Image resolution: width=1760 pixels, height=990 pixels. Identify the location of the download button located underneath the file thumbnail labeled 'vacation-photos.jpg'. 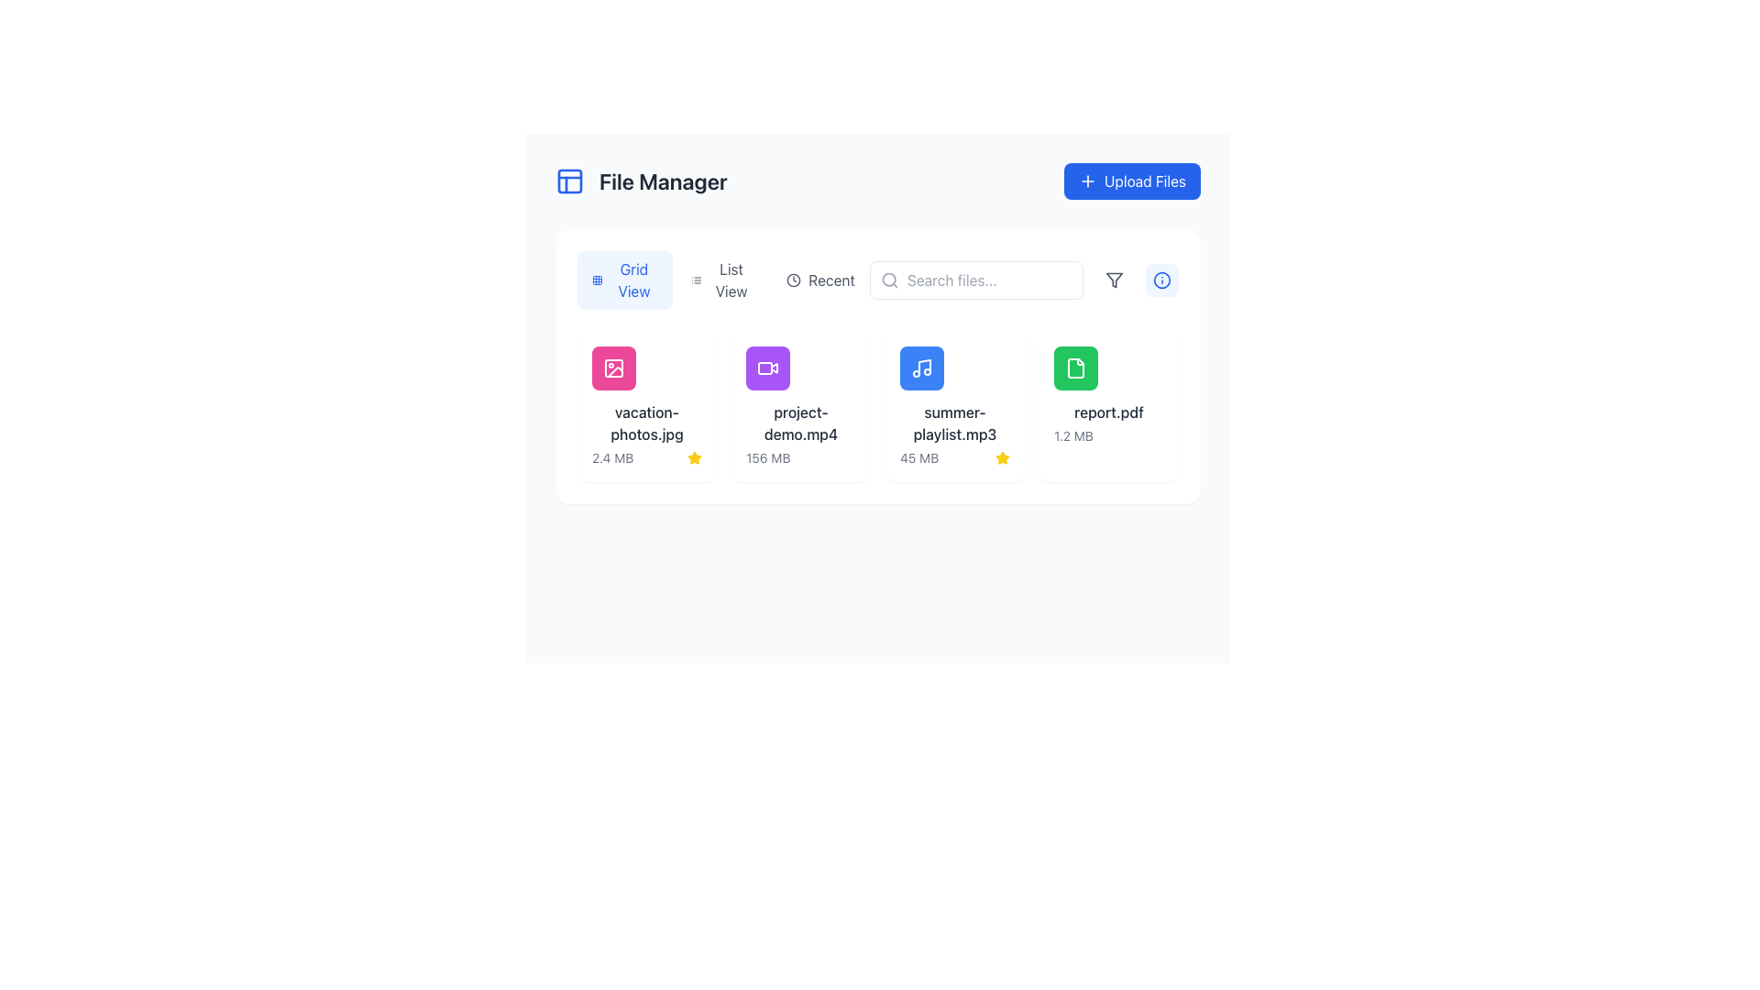
(608, 455).